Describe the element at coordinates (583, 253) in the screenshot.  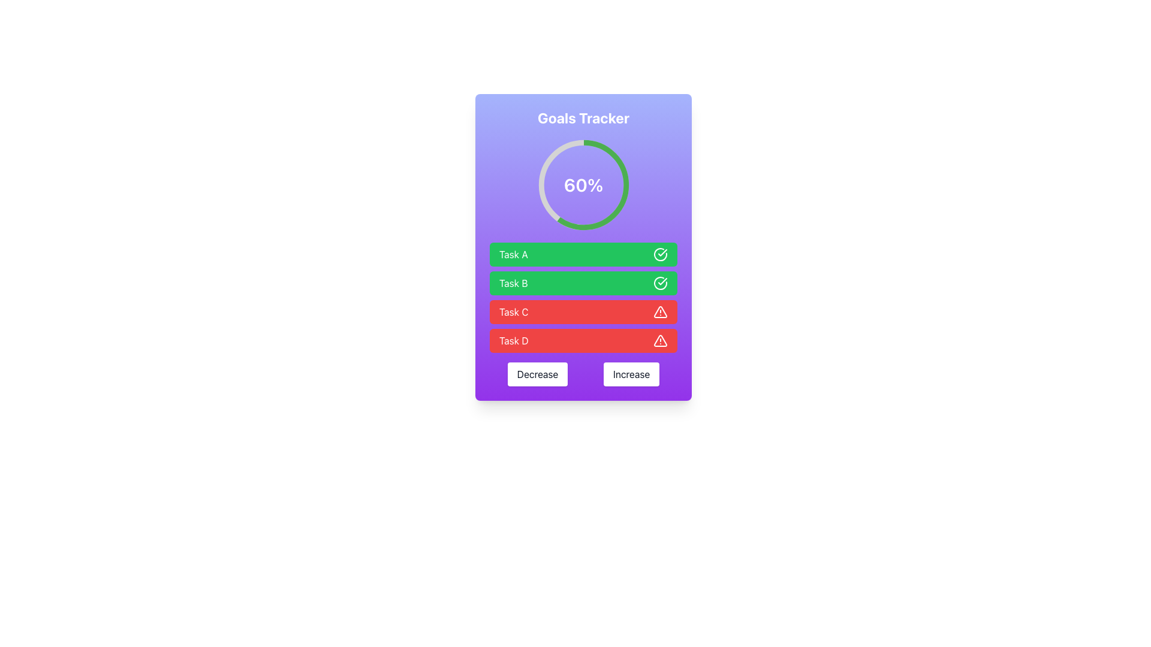
I see `the task labeled 'Task A' by clicking on its icon or text, which is the first element in the vertical list of task items` at that location.